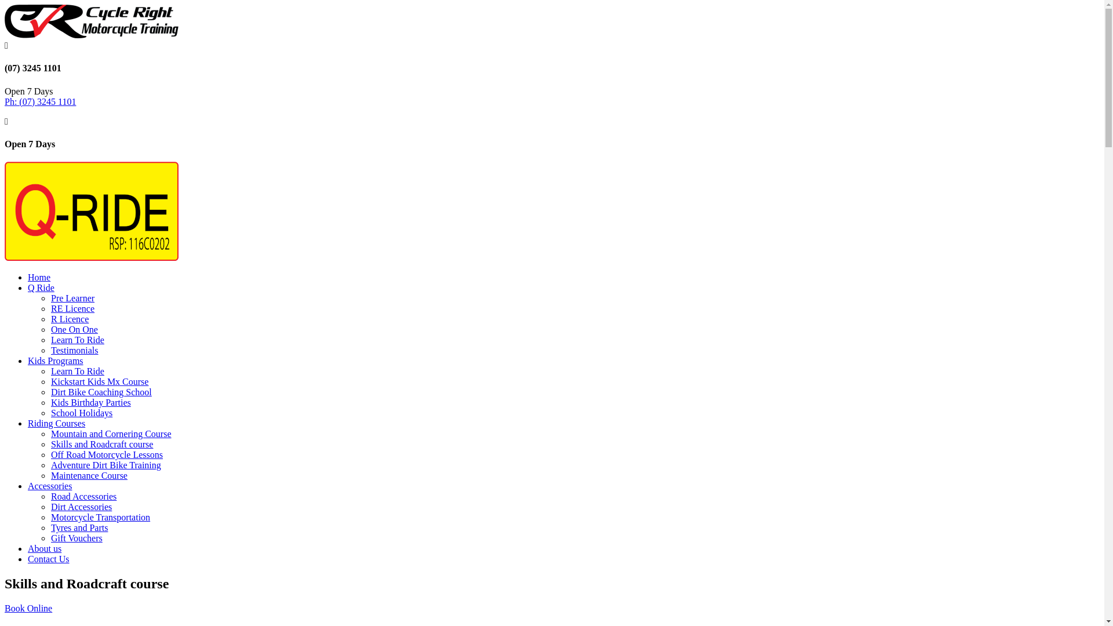 Image resolution: width=1113 pixels, height=626 pixels. What do you see at coordinates (28, 607) in the screenshot?
I see `'Book Online'` at bounding box center [28, 607].